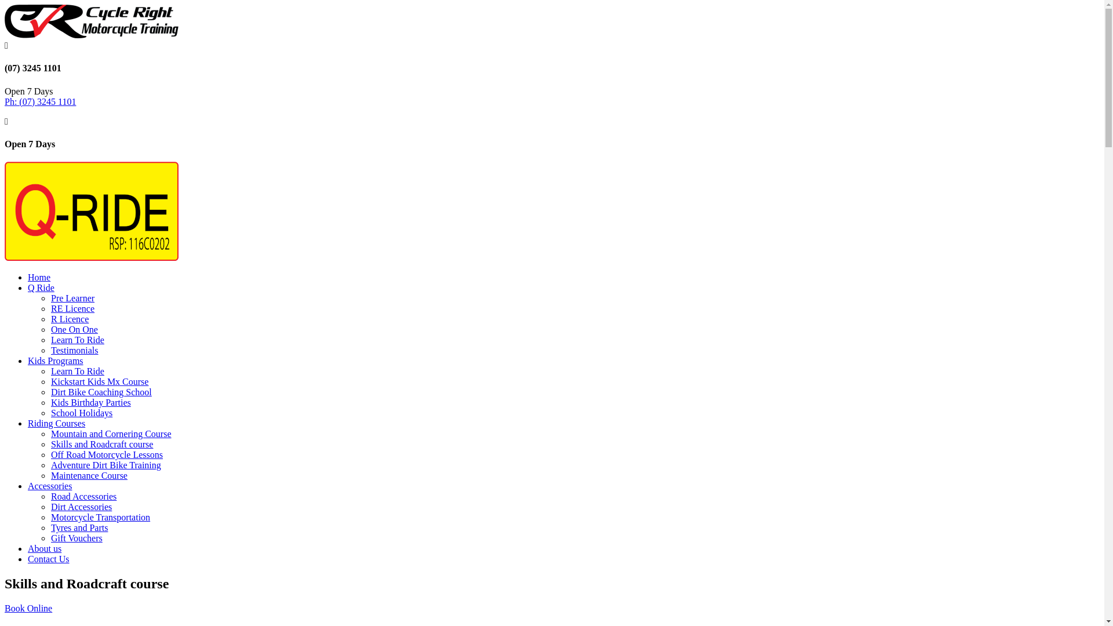 Image resolution: width=1113 pixels, height=626 pixels. What do you see at coordinates (28, 607) in the screenshot?
I see `'Book Online'` at bounding box center [28, 607].